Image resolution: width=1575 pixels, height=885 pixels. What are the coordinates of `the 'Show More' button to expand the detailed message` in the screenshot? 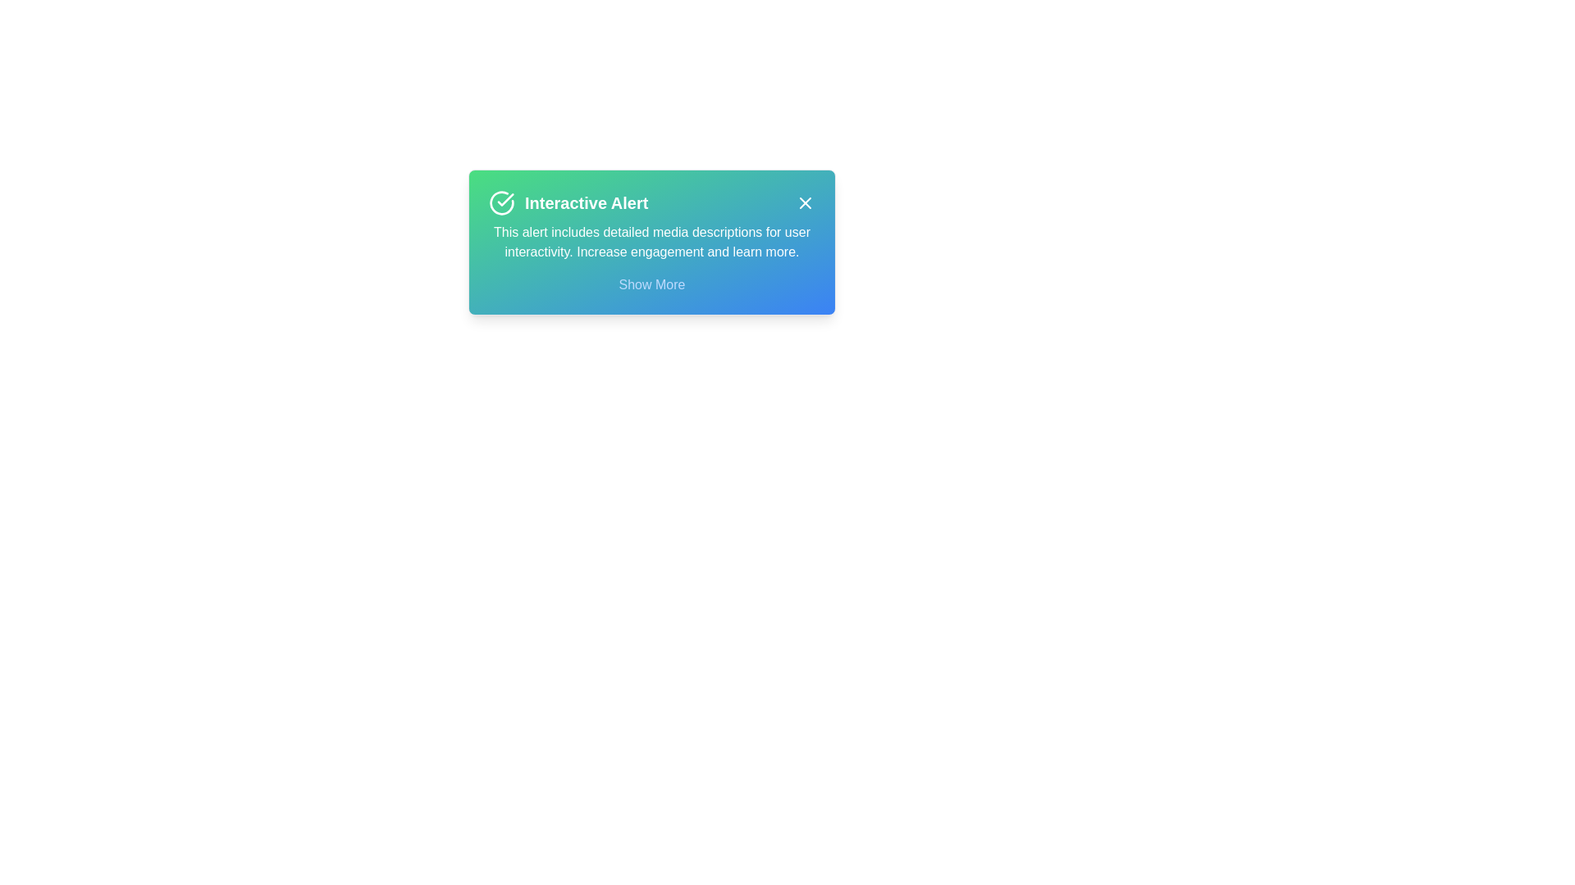 It's located at (650, 284).